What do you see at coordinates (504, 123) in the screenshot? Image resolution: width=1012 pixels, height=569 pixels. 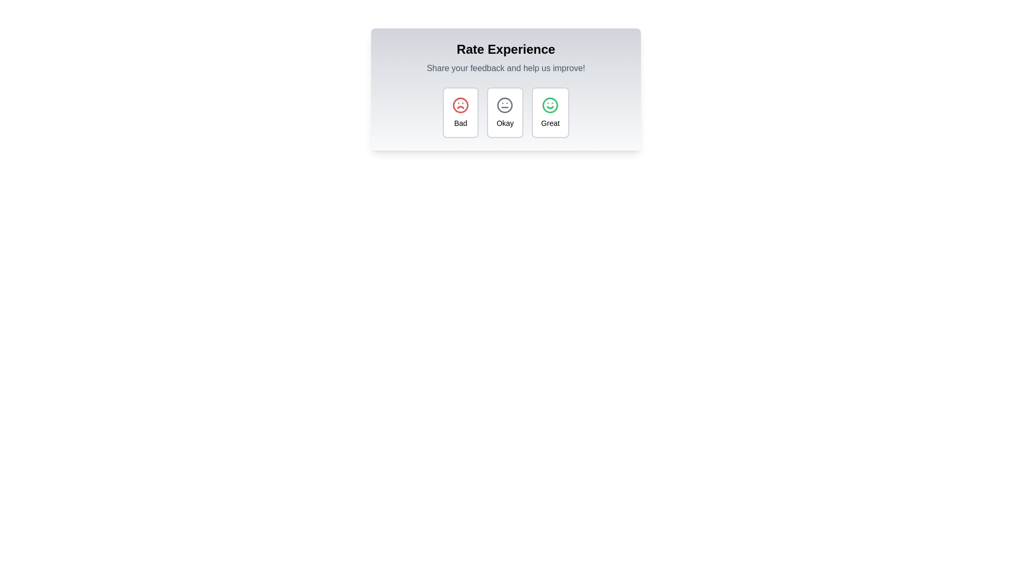 I see `the 'Okay' label located below the neutral rating icon, which is the second option among three rating choices in a horizontal layout` at bounding box center [504, 123].